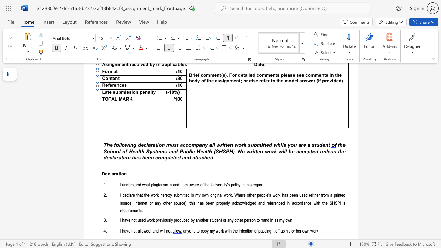 The image size is (441, 248). Describe the element at coordinates (165, 195) in the screenshot. I see `the 2th character "r" in the text` at that location.